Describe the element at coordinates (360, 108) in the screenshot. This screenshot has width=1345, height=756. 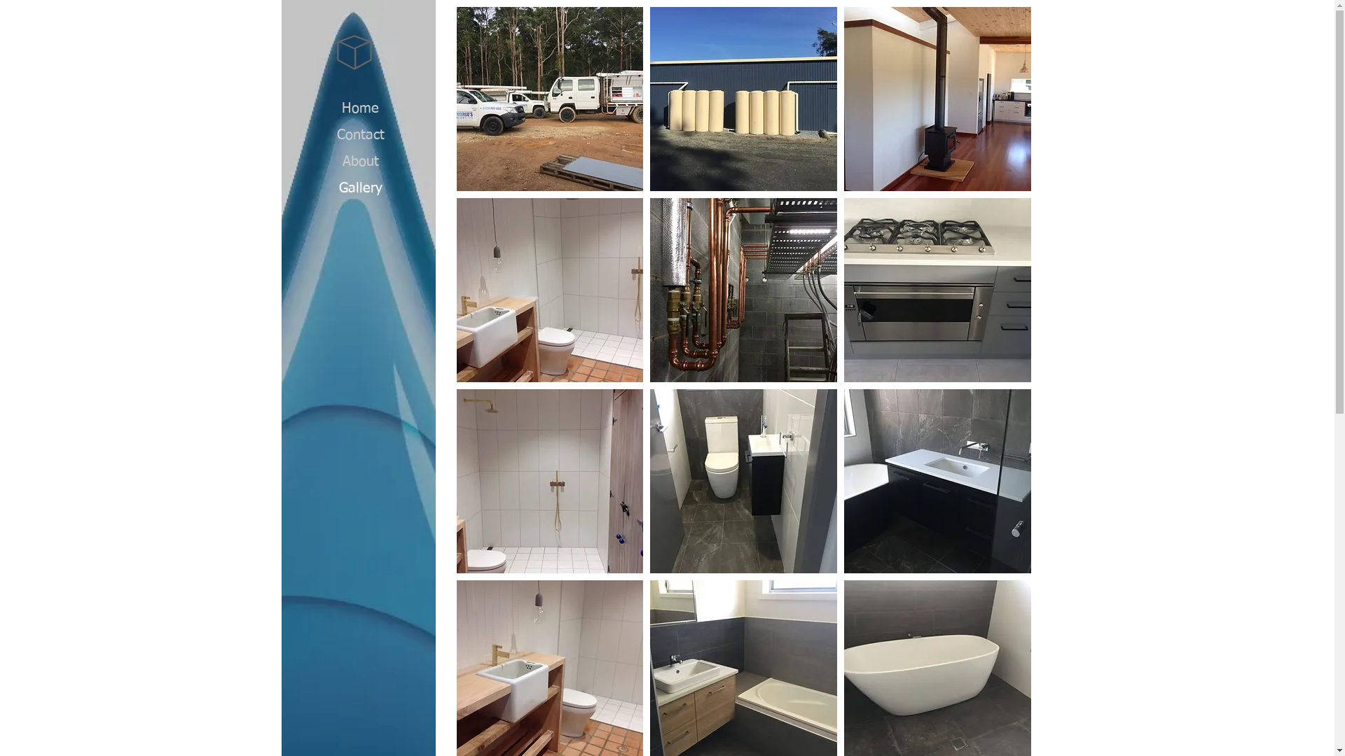
I see `'Home'` at that location.